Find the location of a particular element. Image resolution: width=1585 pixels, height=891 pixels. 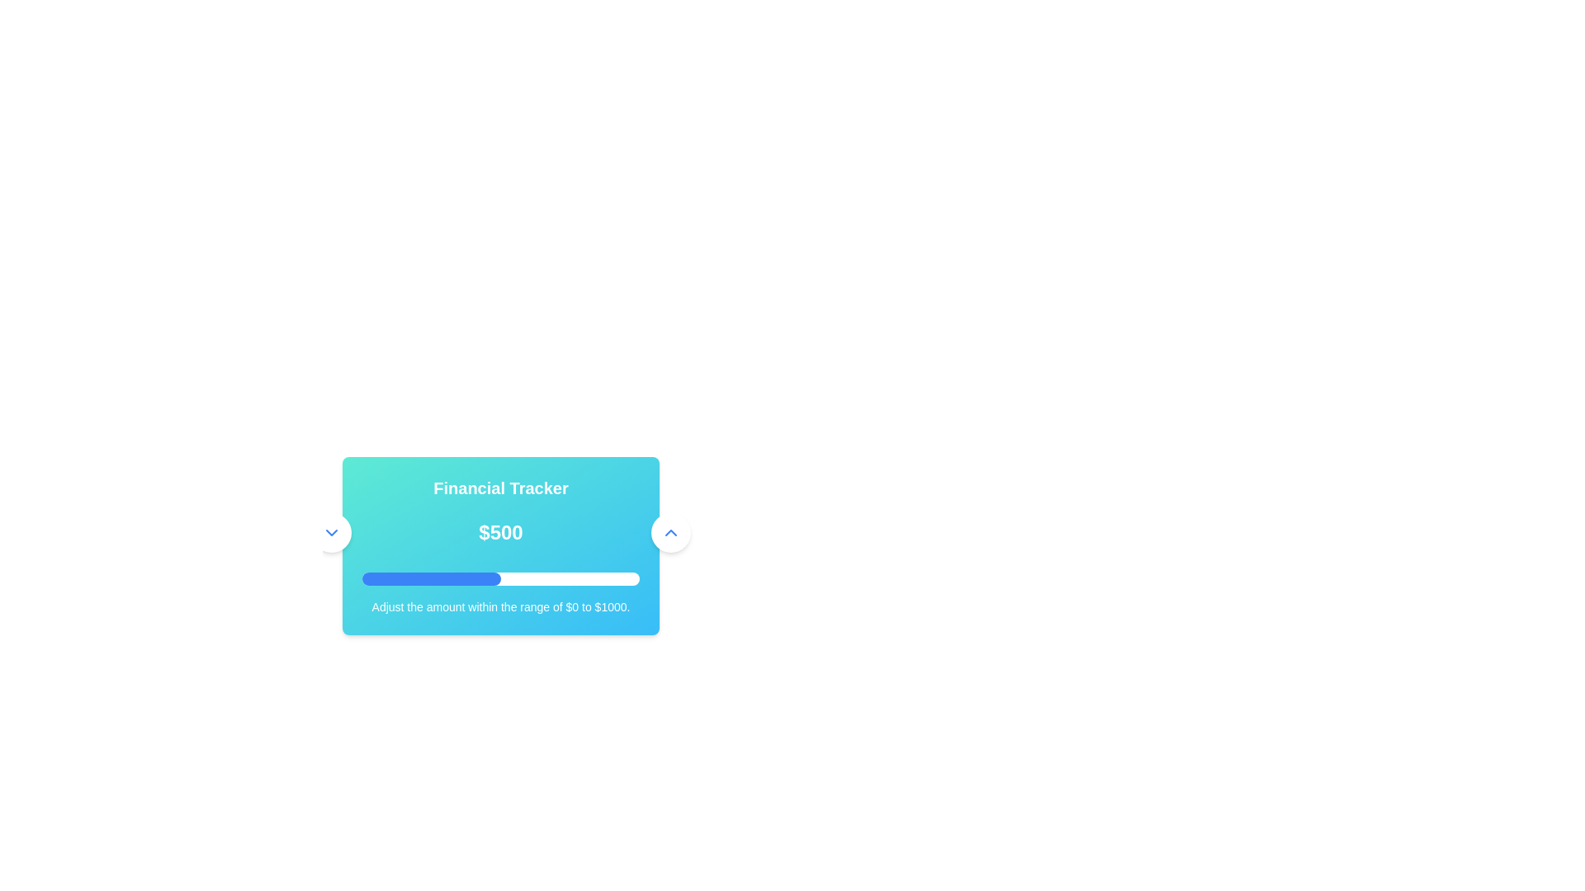

the slider is located at coordinates (490, 578).